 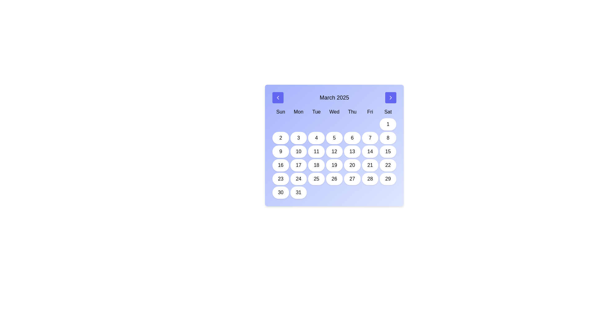 I want to click on the white circular button displaying '31', so click(x=298, y=192).